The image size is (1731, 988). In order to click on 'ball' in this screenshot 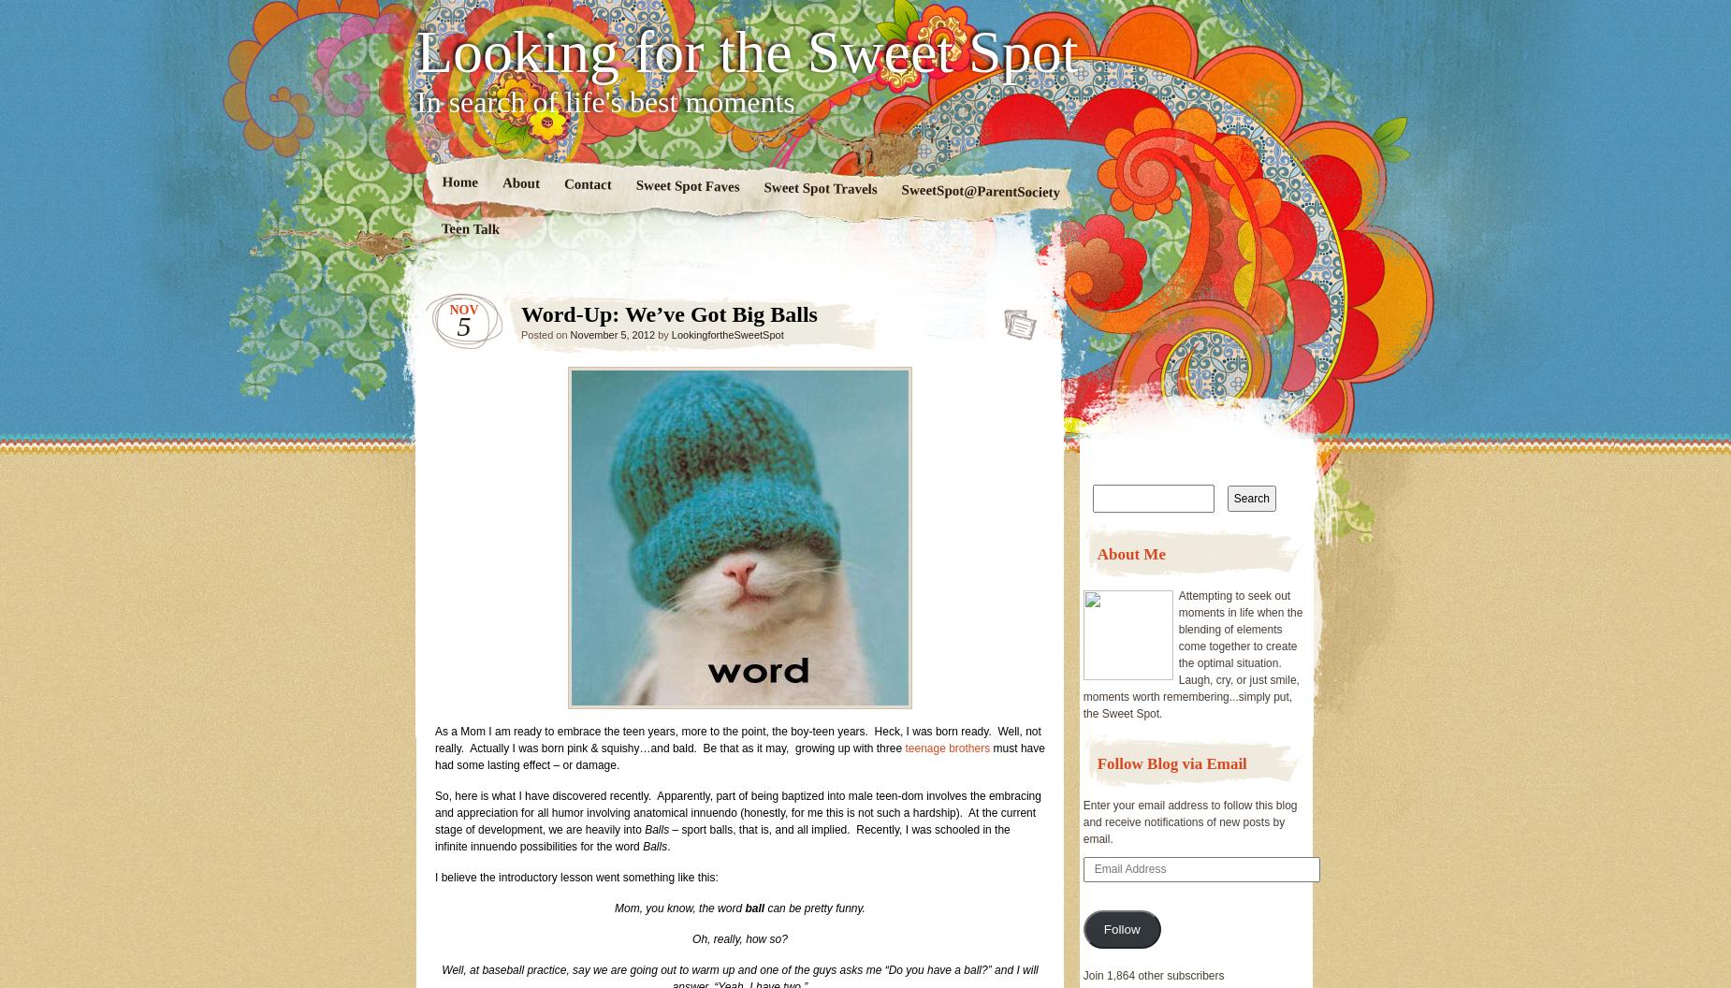, I will do `click(754, 908)`.